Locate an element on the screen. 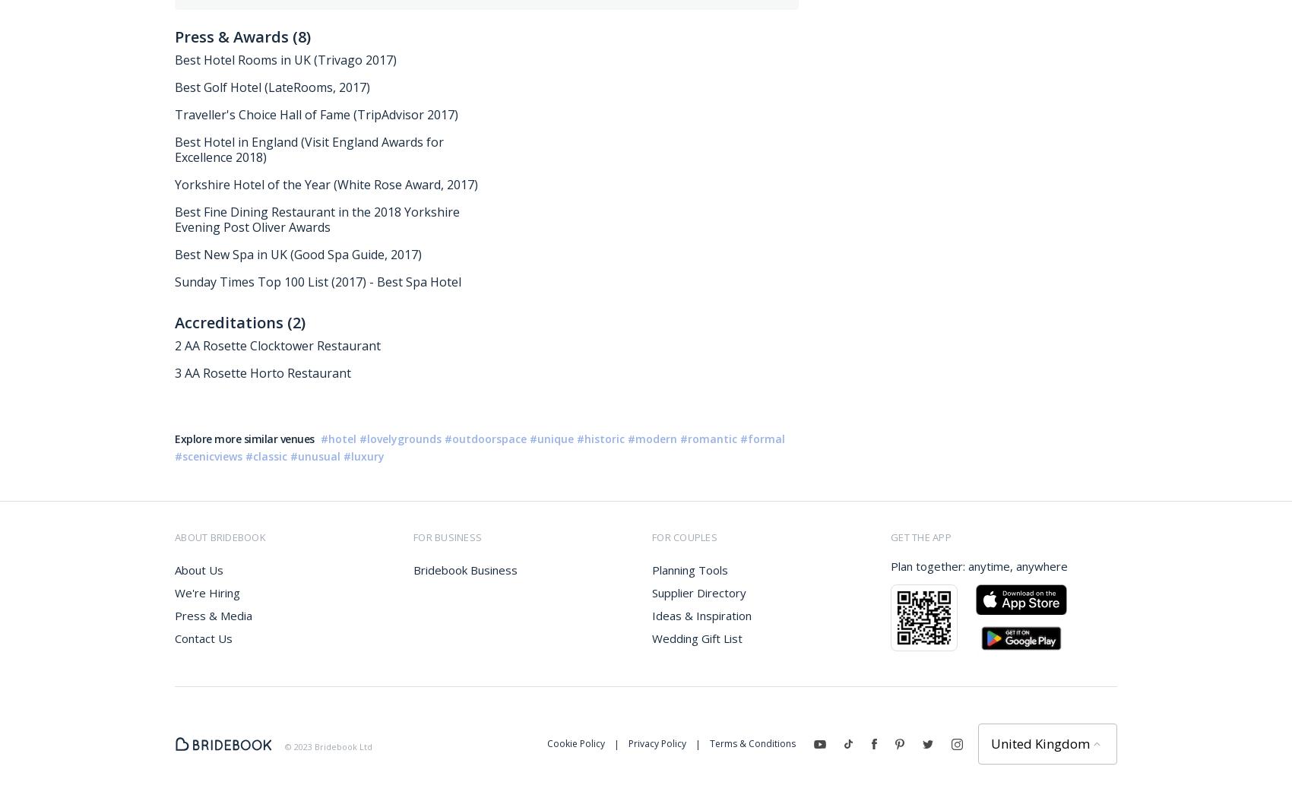 The width and height of the screenshot is (1292, 798). '#luxury' is located at coordinates (364, 456).